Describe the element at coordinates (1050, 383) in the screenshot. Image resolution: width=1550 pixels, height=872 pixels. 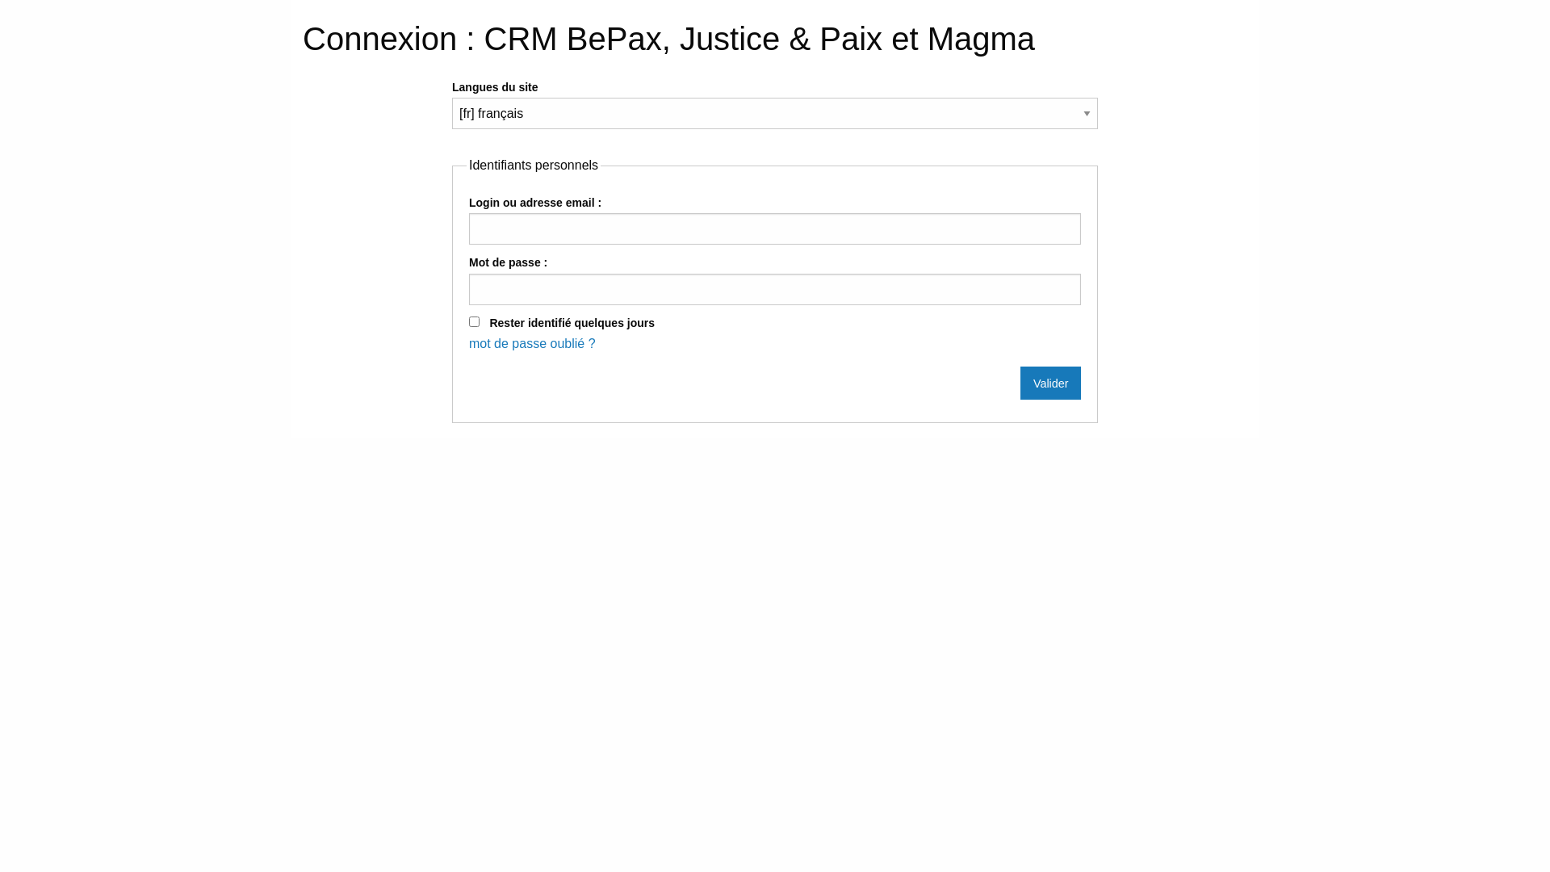
I see `'Valider'` at that location.